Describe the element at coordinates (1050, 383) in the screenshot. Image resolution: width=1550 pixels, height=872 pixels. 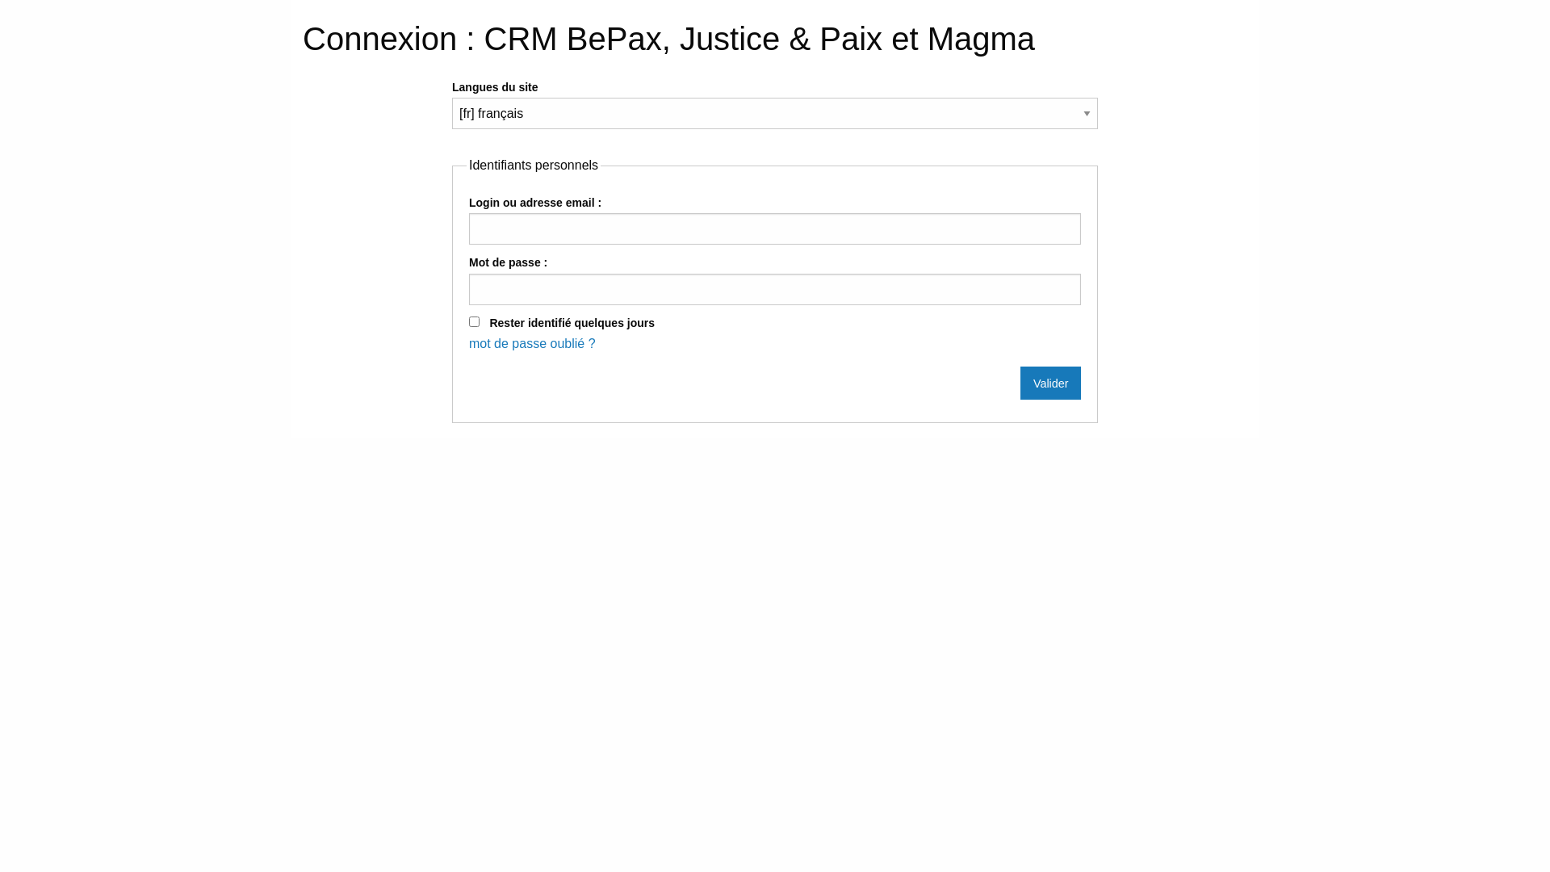
I see `'Valider'` at that location.